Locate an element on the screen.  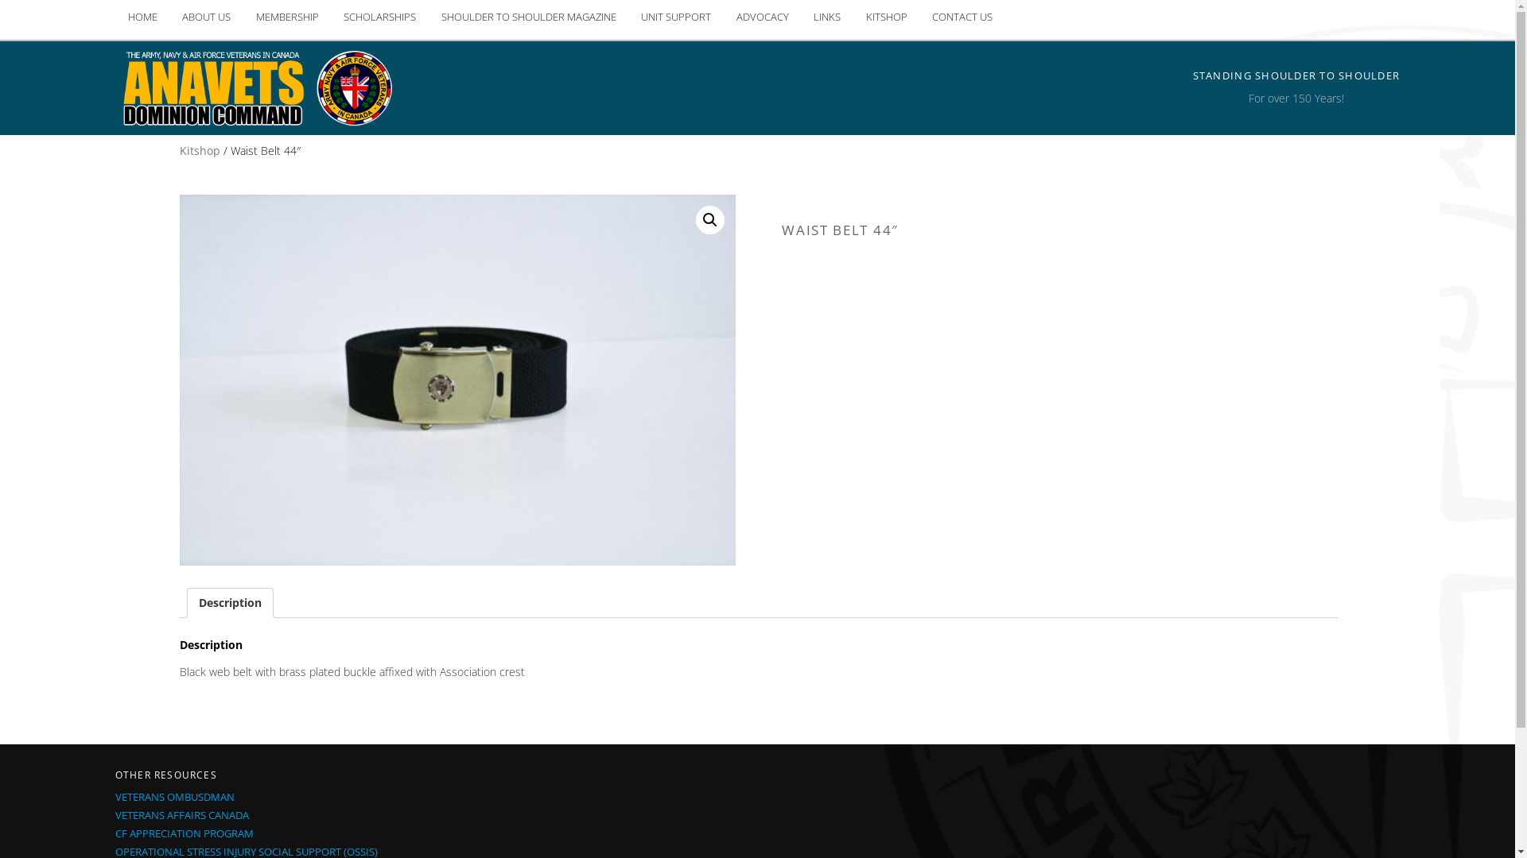
'HOME' is located at coordinates (142, 17).